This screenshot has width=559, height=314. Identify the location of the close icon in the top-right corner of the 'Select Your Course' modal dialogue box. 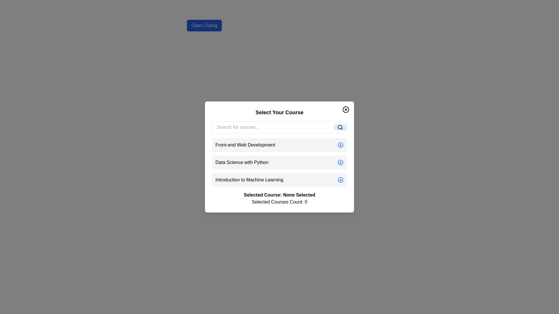
(346, 110).